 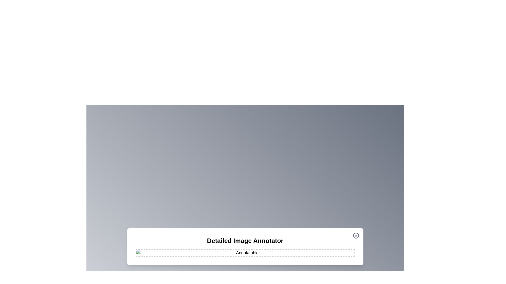 What do you see at coordinates (301, 253) in the screenshot?
I see `the image at coordinates (1144, 963) to add an annotation` at bounding box center [301, 253].